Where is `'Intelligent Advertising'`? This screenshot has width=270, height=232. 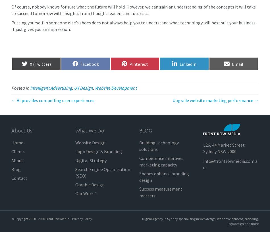 'Intelligent Advertising' is located at coordinates (51, 87).